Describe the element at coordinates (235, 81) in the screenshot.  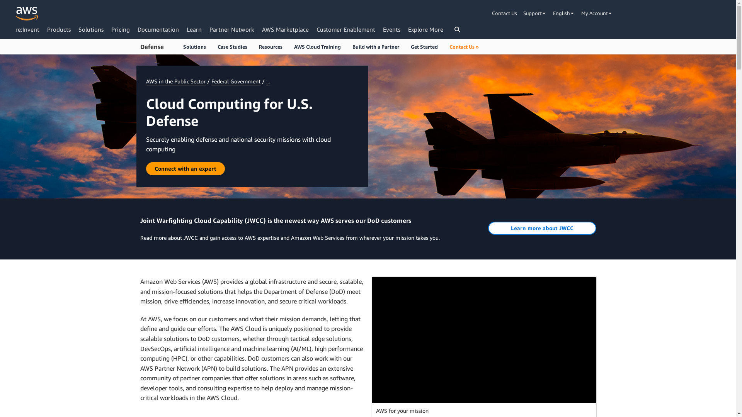
I see `'Federal Government'` at that location.